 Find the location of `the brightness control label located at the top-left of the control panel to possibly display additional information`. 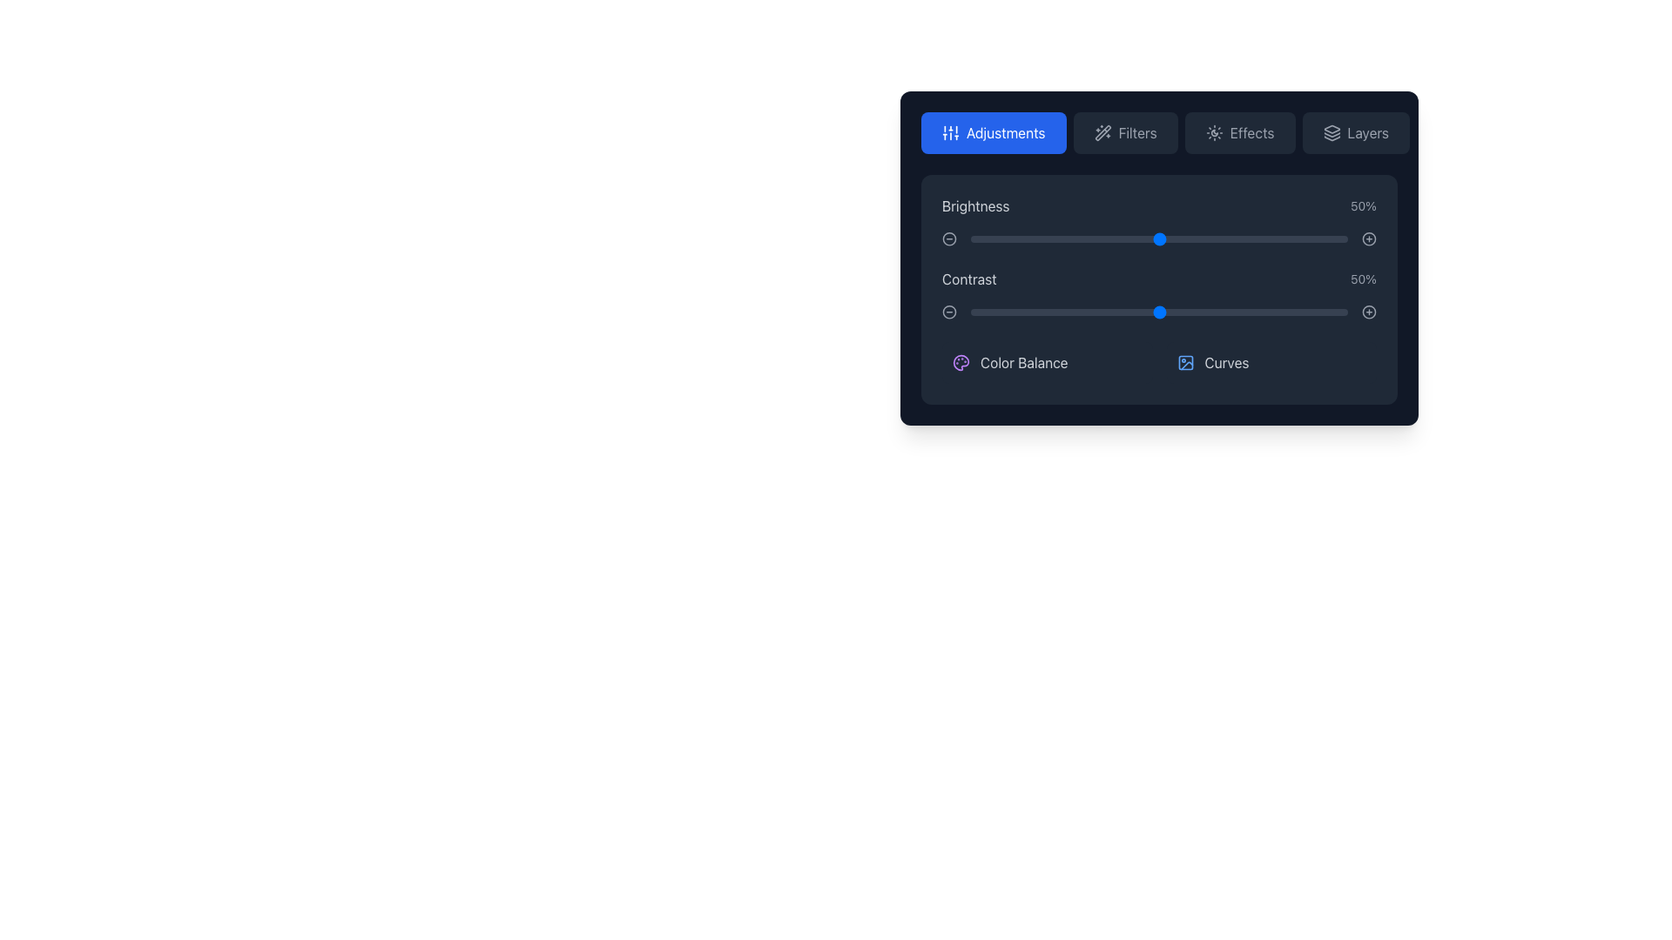

the brightness control label located at the top-left of the control panel to possibly display additional information is located at coordinates (975, 205).